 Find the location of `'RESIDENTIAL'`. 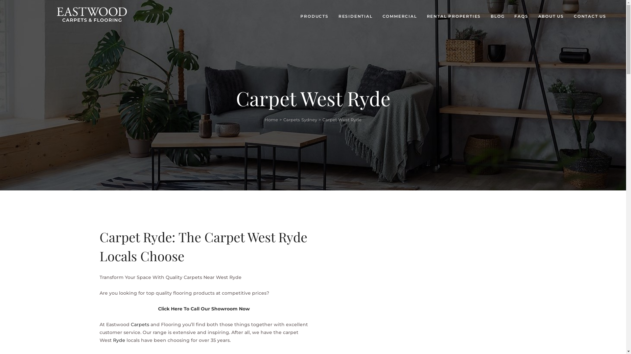

'RESIDENTIAL' is located at coordinates (355, 16).